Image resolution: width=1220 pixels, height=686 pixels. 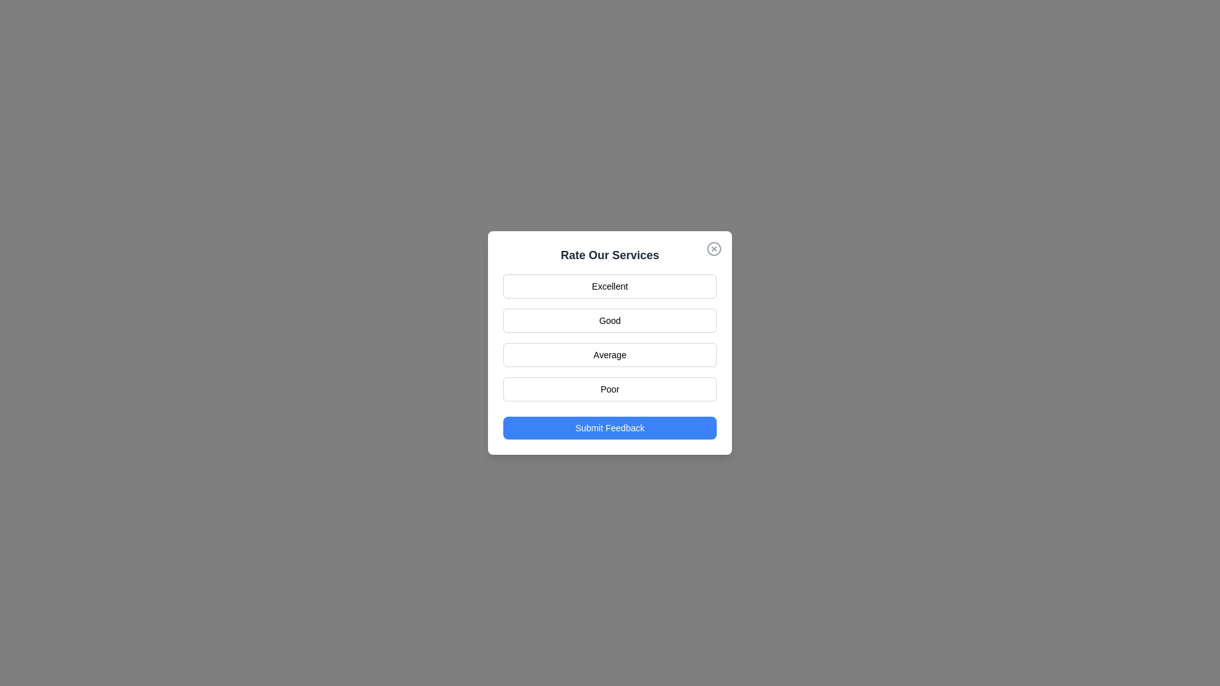 What do you see at coordinates (610, 428) in the screenshot?
I see `the 'Submit Feedback' button to submit the feedback` at bounding box center [610, 428].